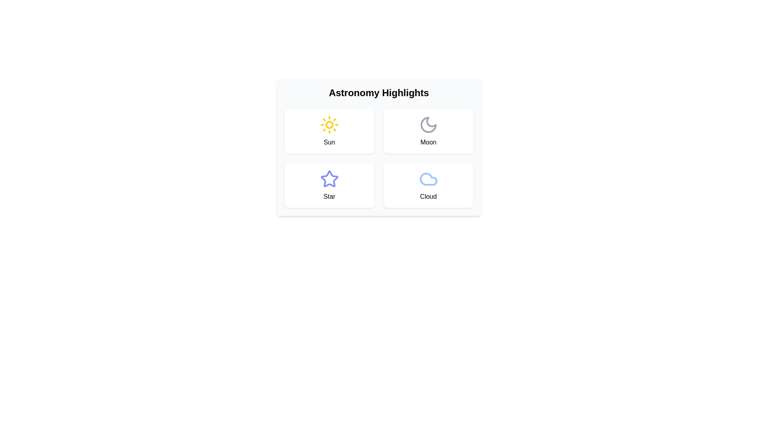  Describe the element at coordinates (329, 197) in the screenshot. I see `the Text label that identifies the card with 'Star' in the bottom-left card of the 'Astronomy Highlights' panel` at that location.